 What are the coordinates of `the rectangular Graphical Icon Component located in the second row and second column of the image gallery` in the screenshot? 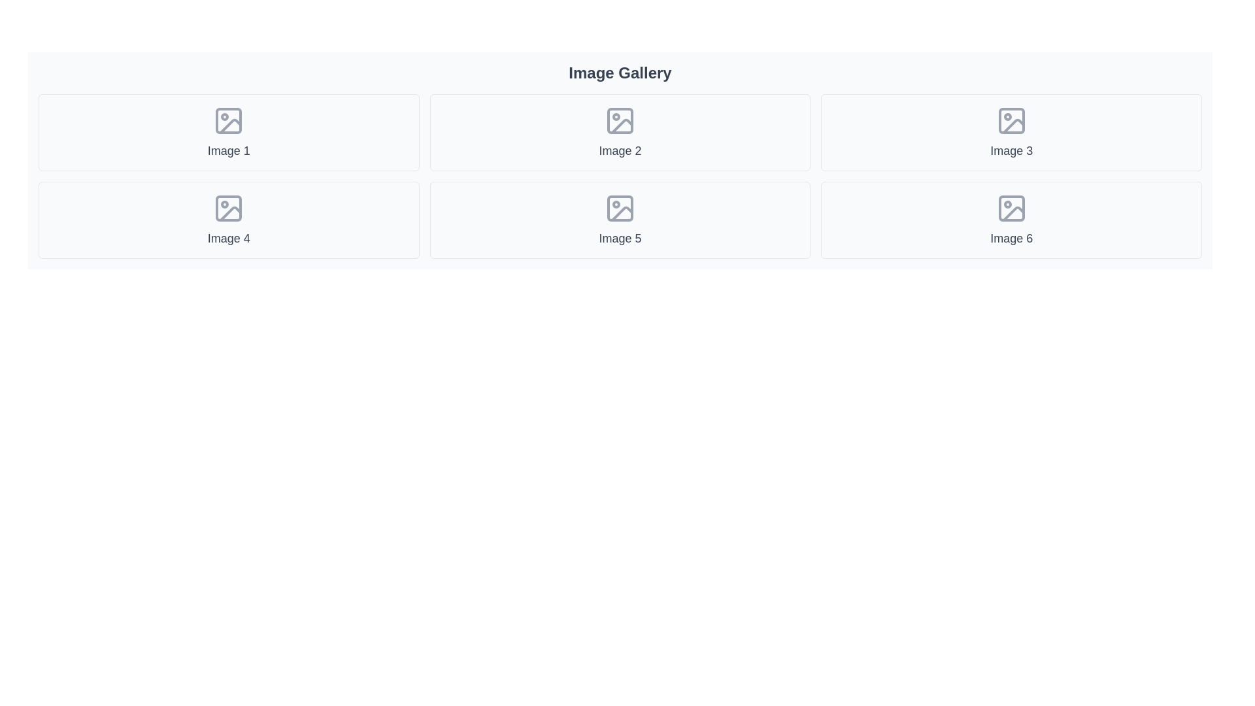 It's located at (620, 208).